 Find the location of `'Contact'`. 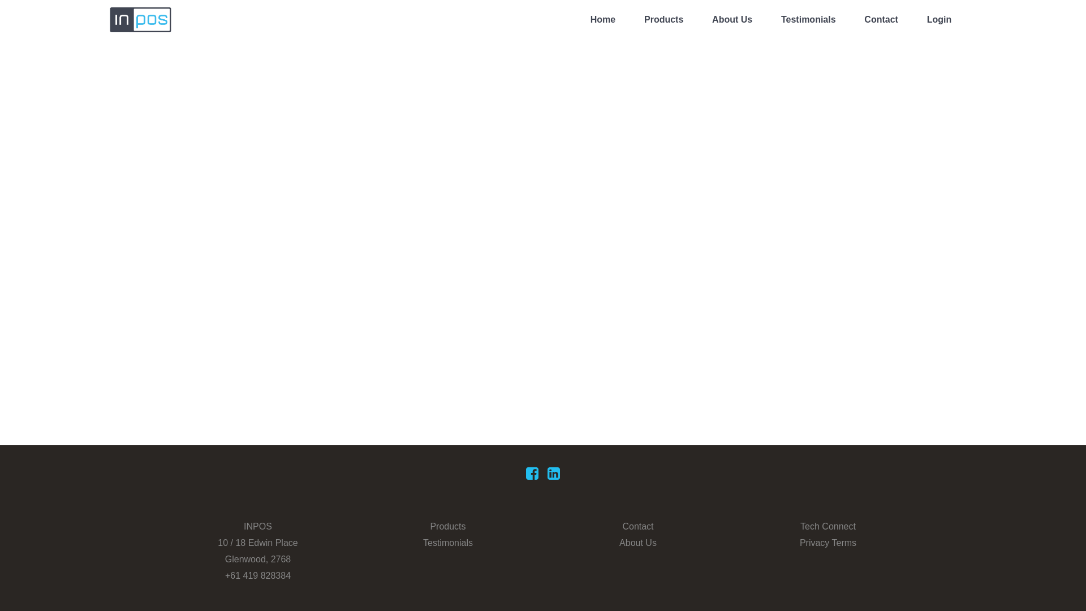

'Contact' is located at coordinates (638, 526).